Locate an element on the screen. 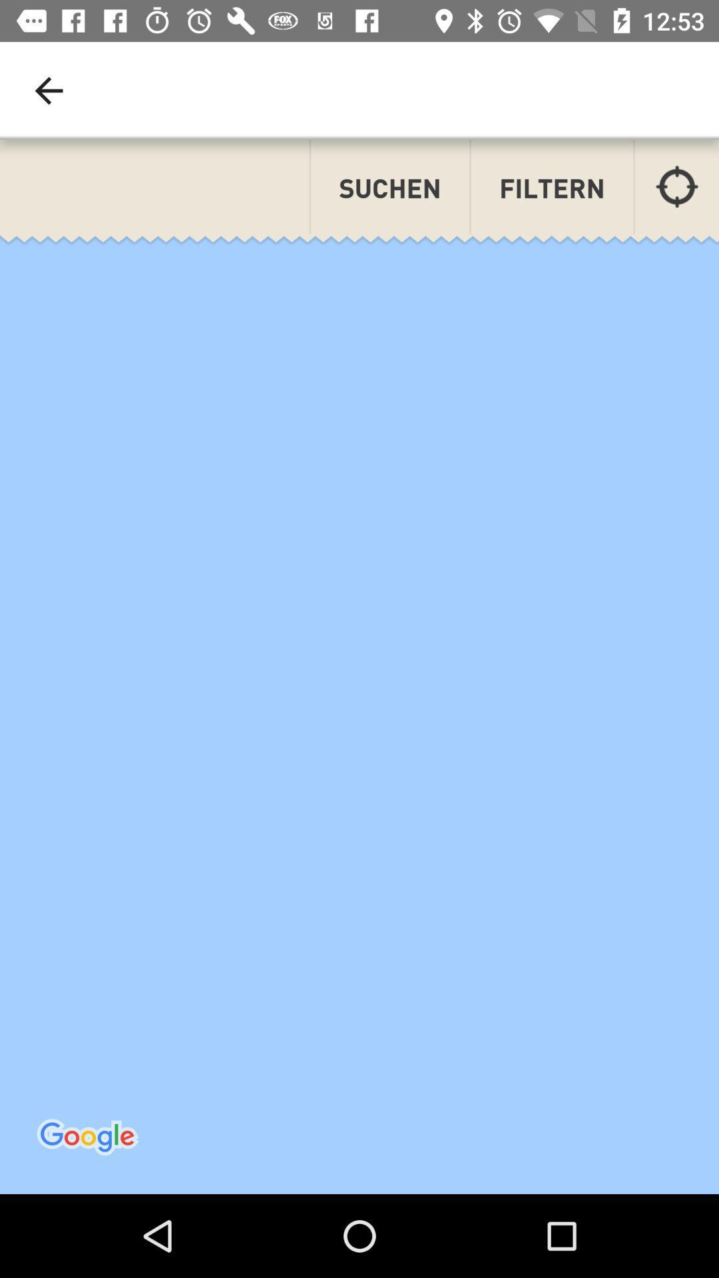 The image size is (719, 1278). the location_crosshair icon is located at coordinates (677, 186).